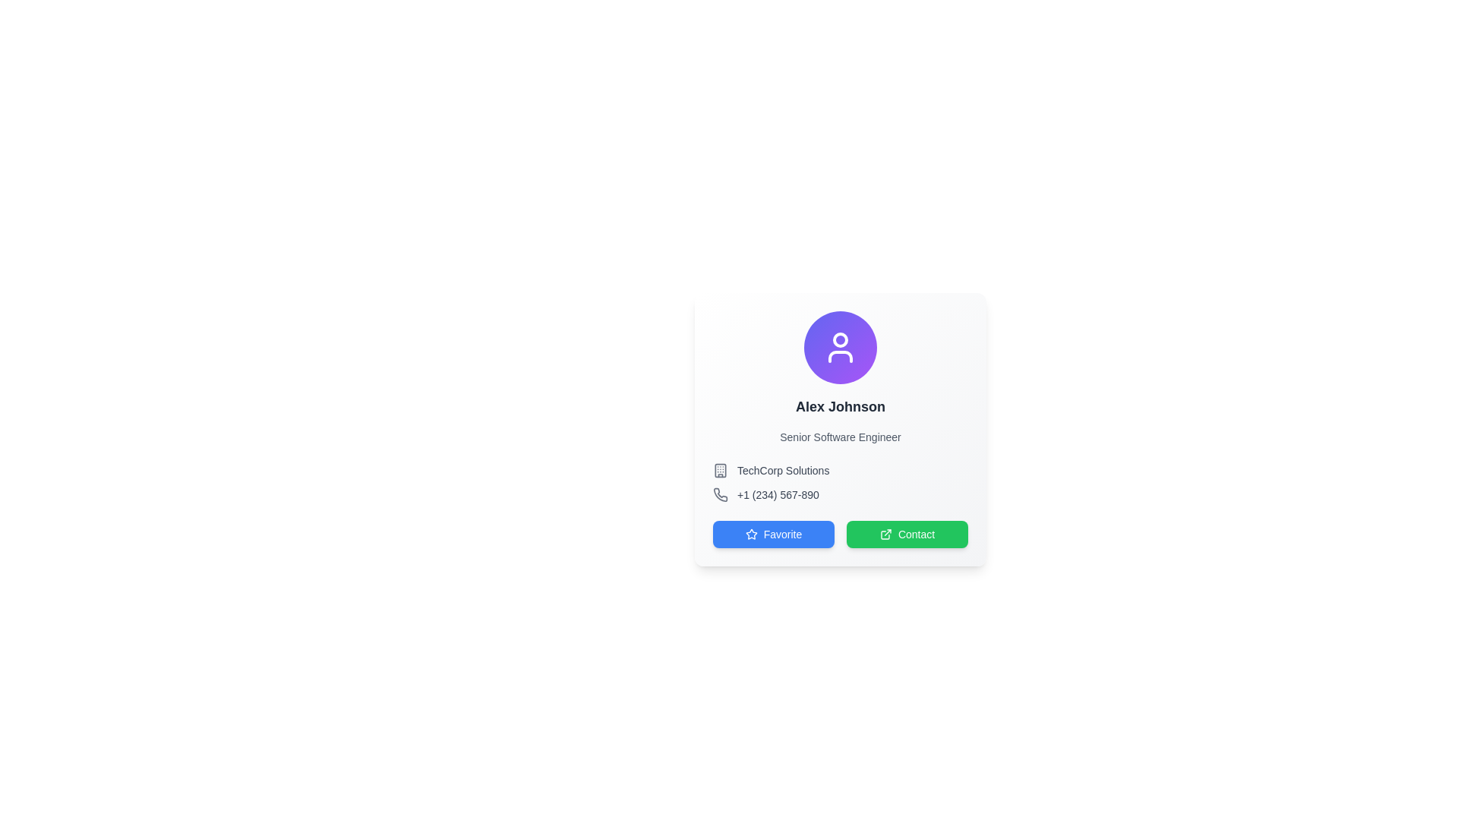  I want to click on the decorative icon within the SVG graphic located to the left of the 'Favorite' button in the lower left section of the interface, so click(751, 533).